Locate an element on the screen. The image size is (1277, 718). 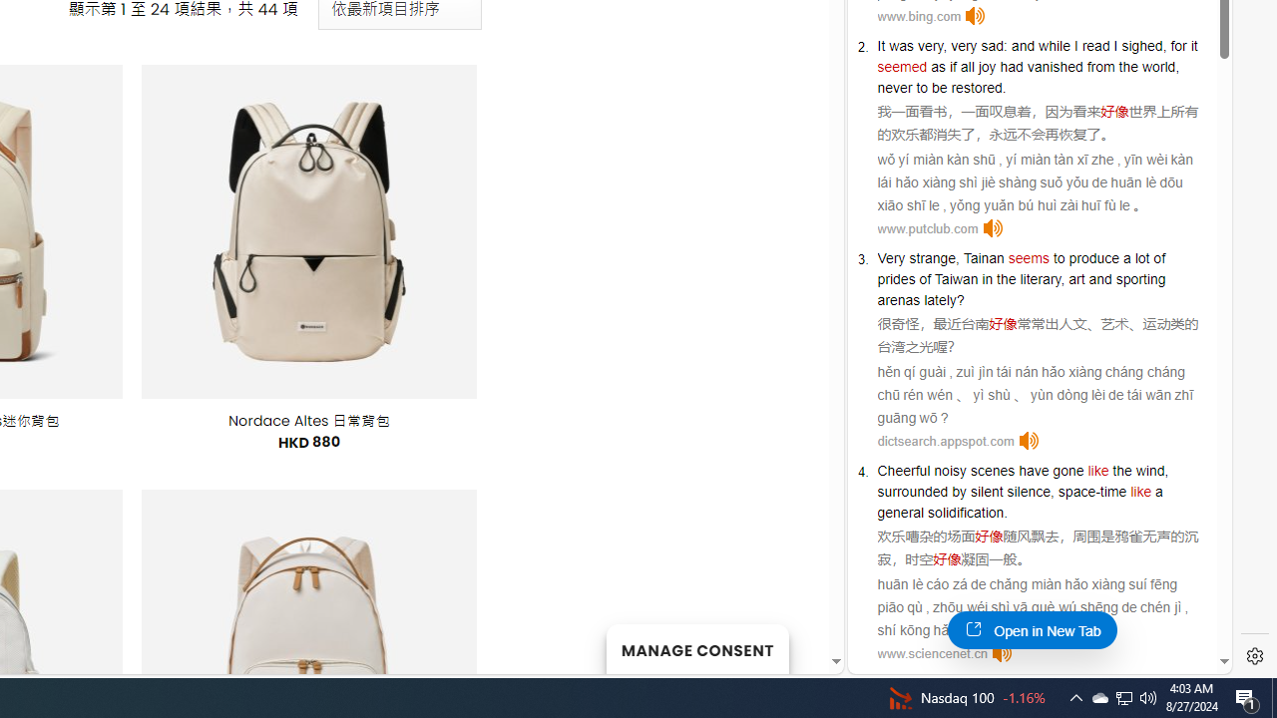
'Taiwan' is located at coordinates (955, 279).